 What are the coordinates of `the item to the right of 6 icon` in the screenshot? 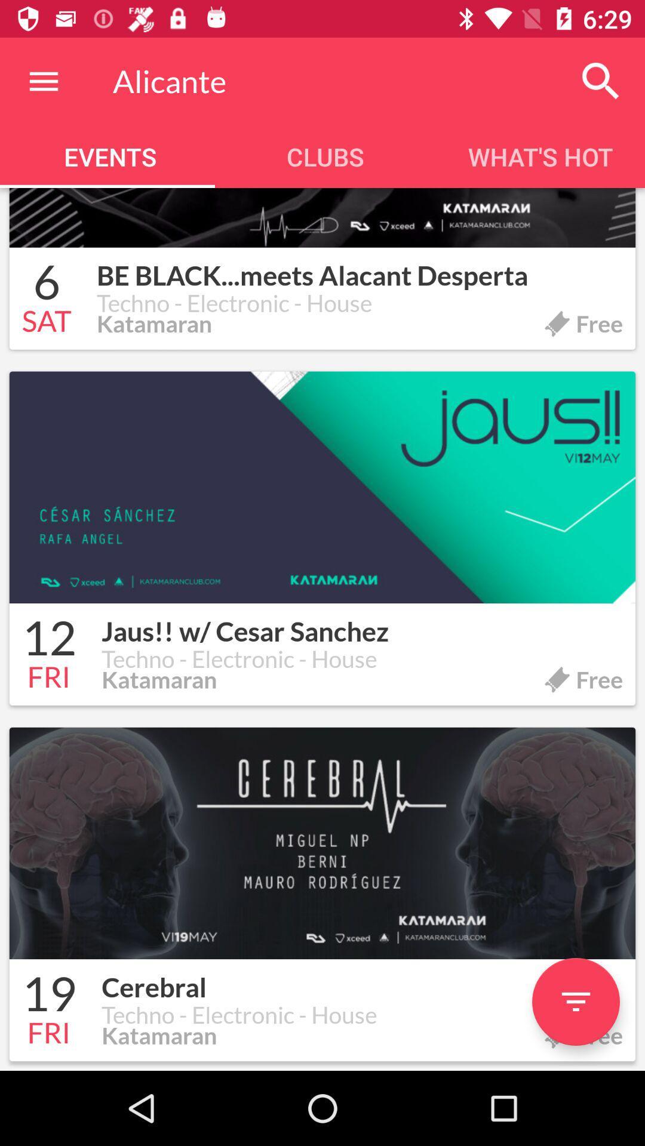 It's located at (359, 268).